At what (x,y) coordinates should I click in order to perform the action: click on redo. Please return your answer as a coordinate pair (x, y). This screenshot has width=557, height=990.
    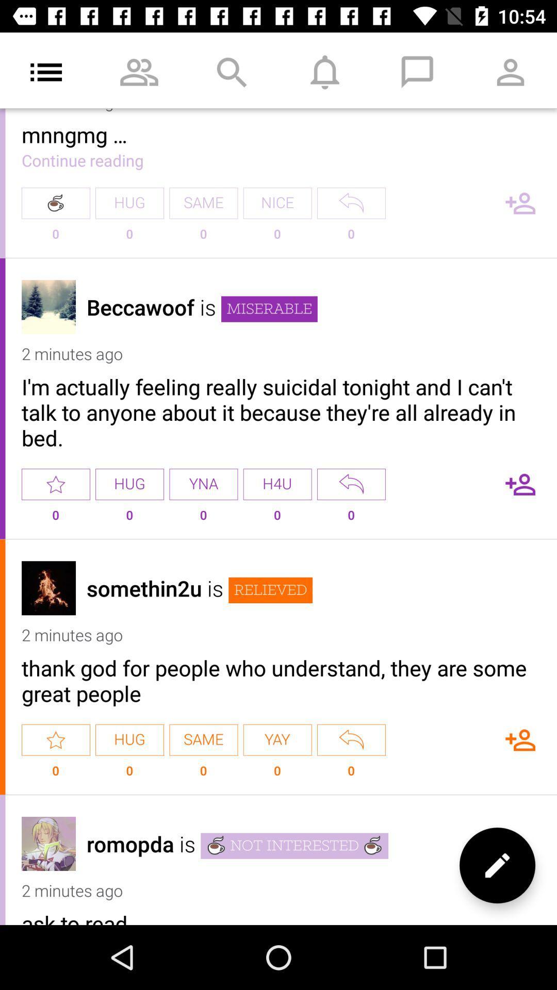
    Looking at the image, I should click on (351, 203).